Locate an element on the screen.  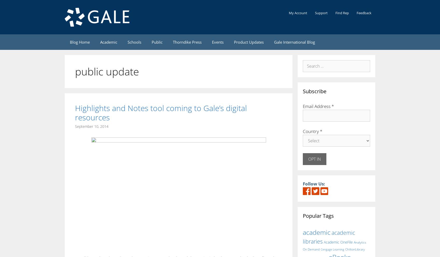
'academic' is located at coordinates (316, 232).